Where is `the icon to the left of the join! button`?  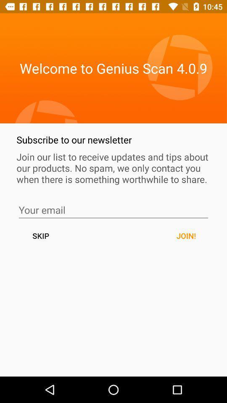 the icon to the left of the join! button is located at coordinates (40, 236).